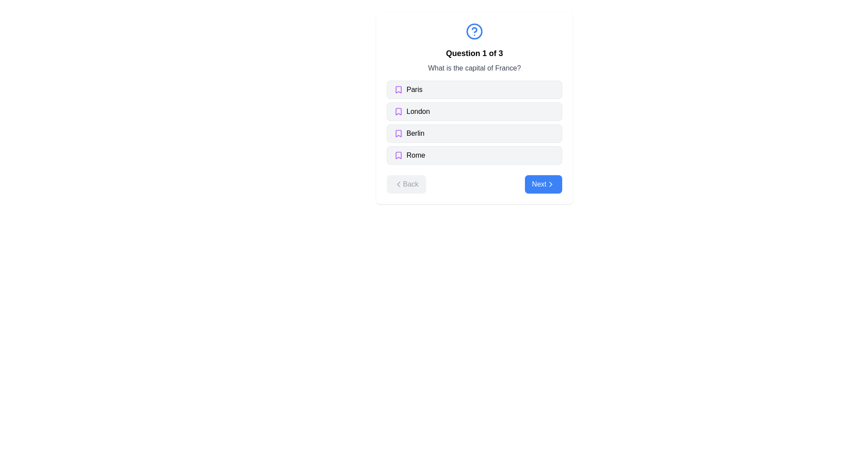  What do you see at coordinates (398, 111) in the screenshot?
I see `the small purple bookmark-shaped icon located to the left of the text label 'London' in the vertical list of options` at bounding box center [398, 111].